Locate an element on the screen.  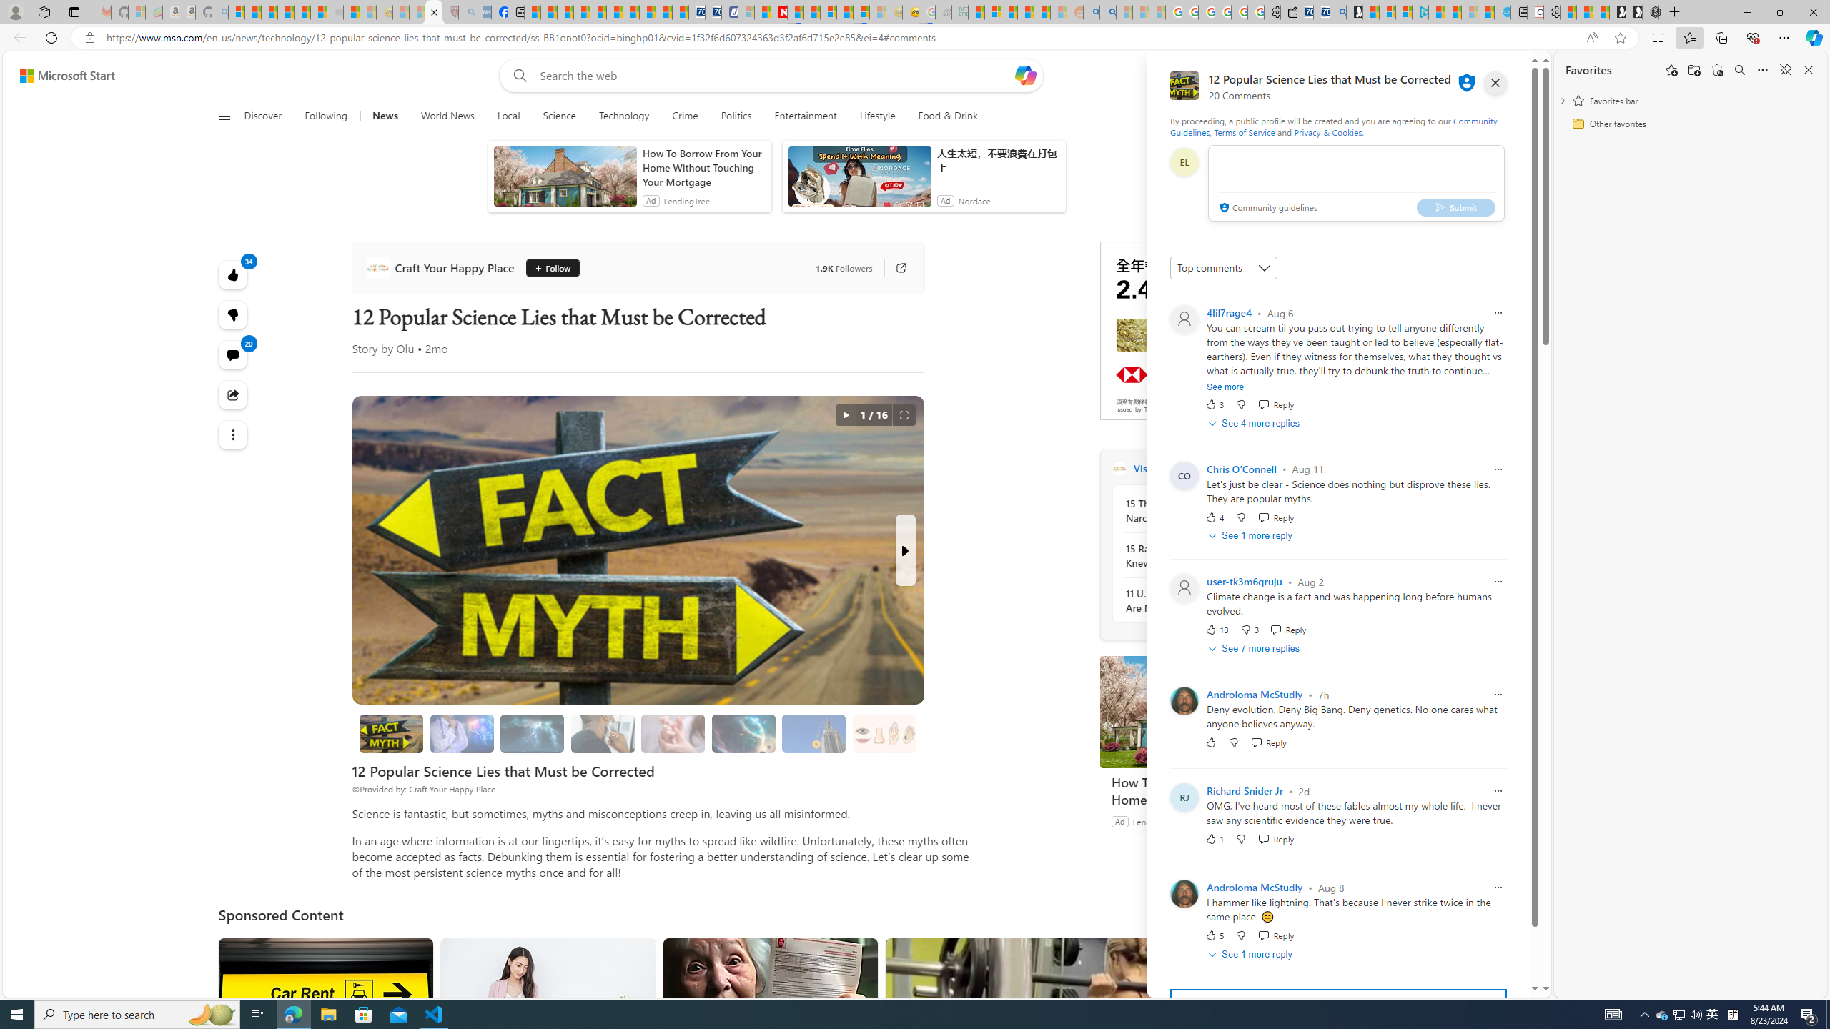
'5 Like' is located at coordinates (1213, 935).